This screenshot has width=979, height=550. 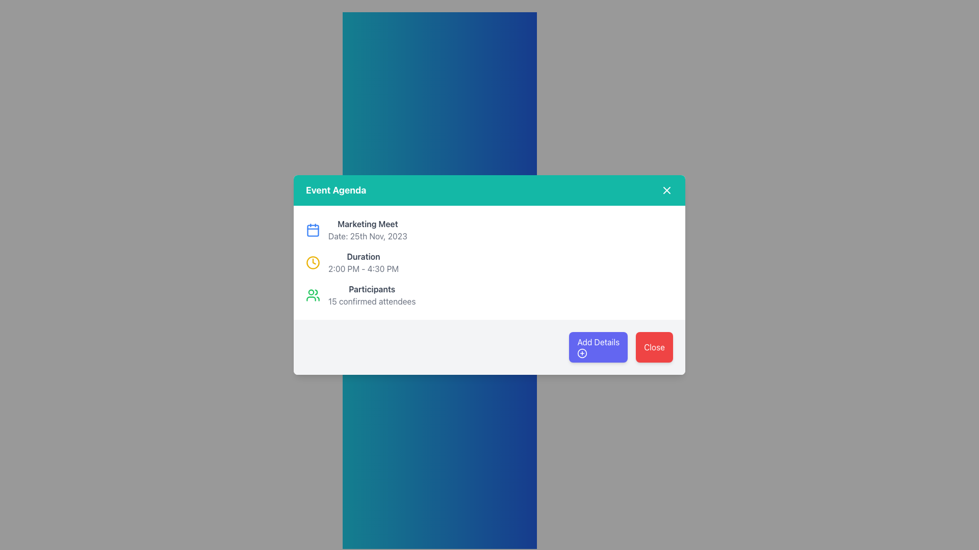 I want to click on the decorative rounded rectangle inside the calendar icon, which is located to the left of the 'Marketing Meet' agenda text in the Event Agenda dialog, so click(x=313, y=230).